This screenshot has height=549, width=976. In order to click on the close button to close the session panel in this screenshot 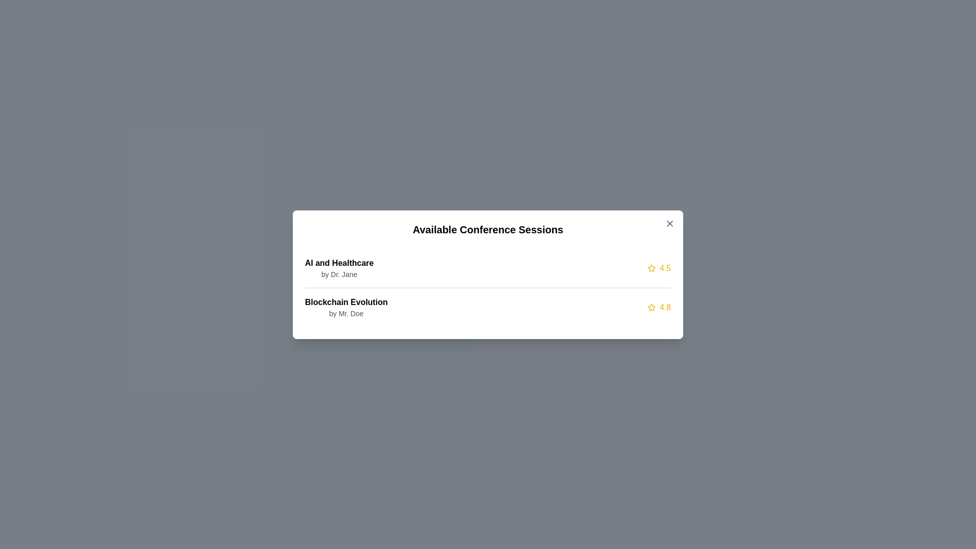, I will do `click(670, 223)`.